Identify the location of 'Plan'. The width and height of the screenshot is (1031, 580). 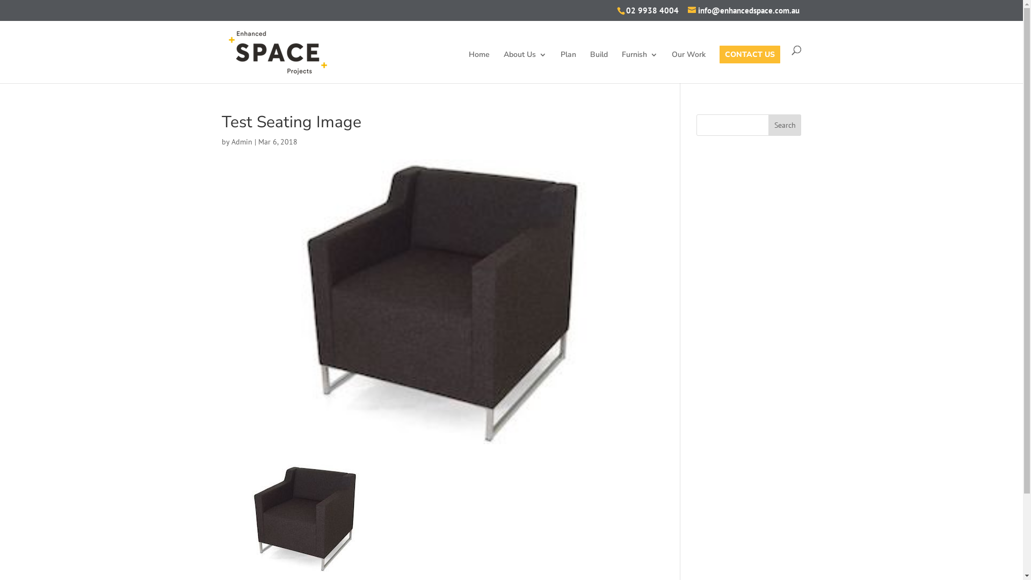
(568, 66).